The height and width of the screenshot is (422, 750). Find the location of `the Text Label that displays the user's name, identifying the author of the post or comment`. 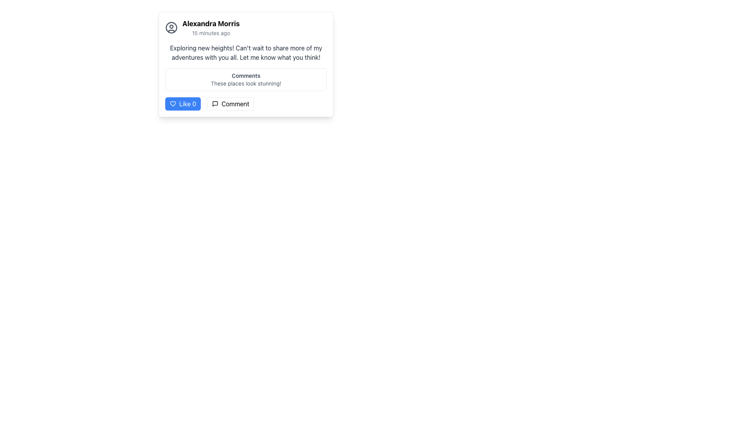

the Text Label that displays the user's name, identifying the author of the post or comment is located at coordinates (211, 23).